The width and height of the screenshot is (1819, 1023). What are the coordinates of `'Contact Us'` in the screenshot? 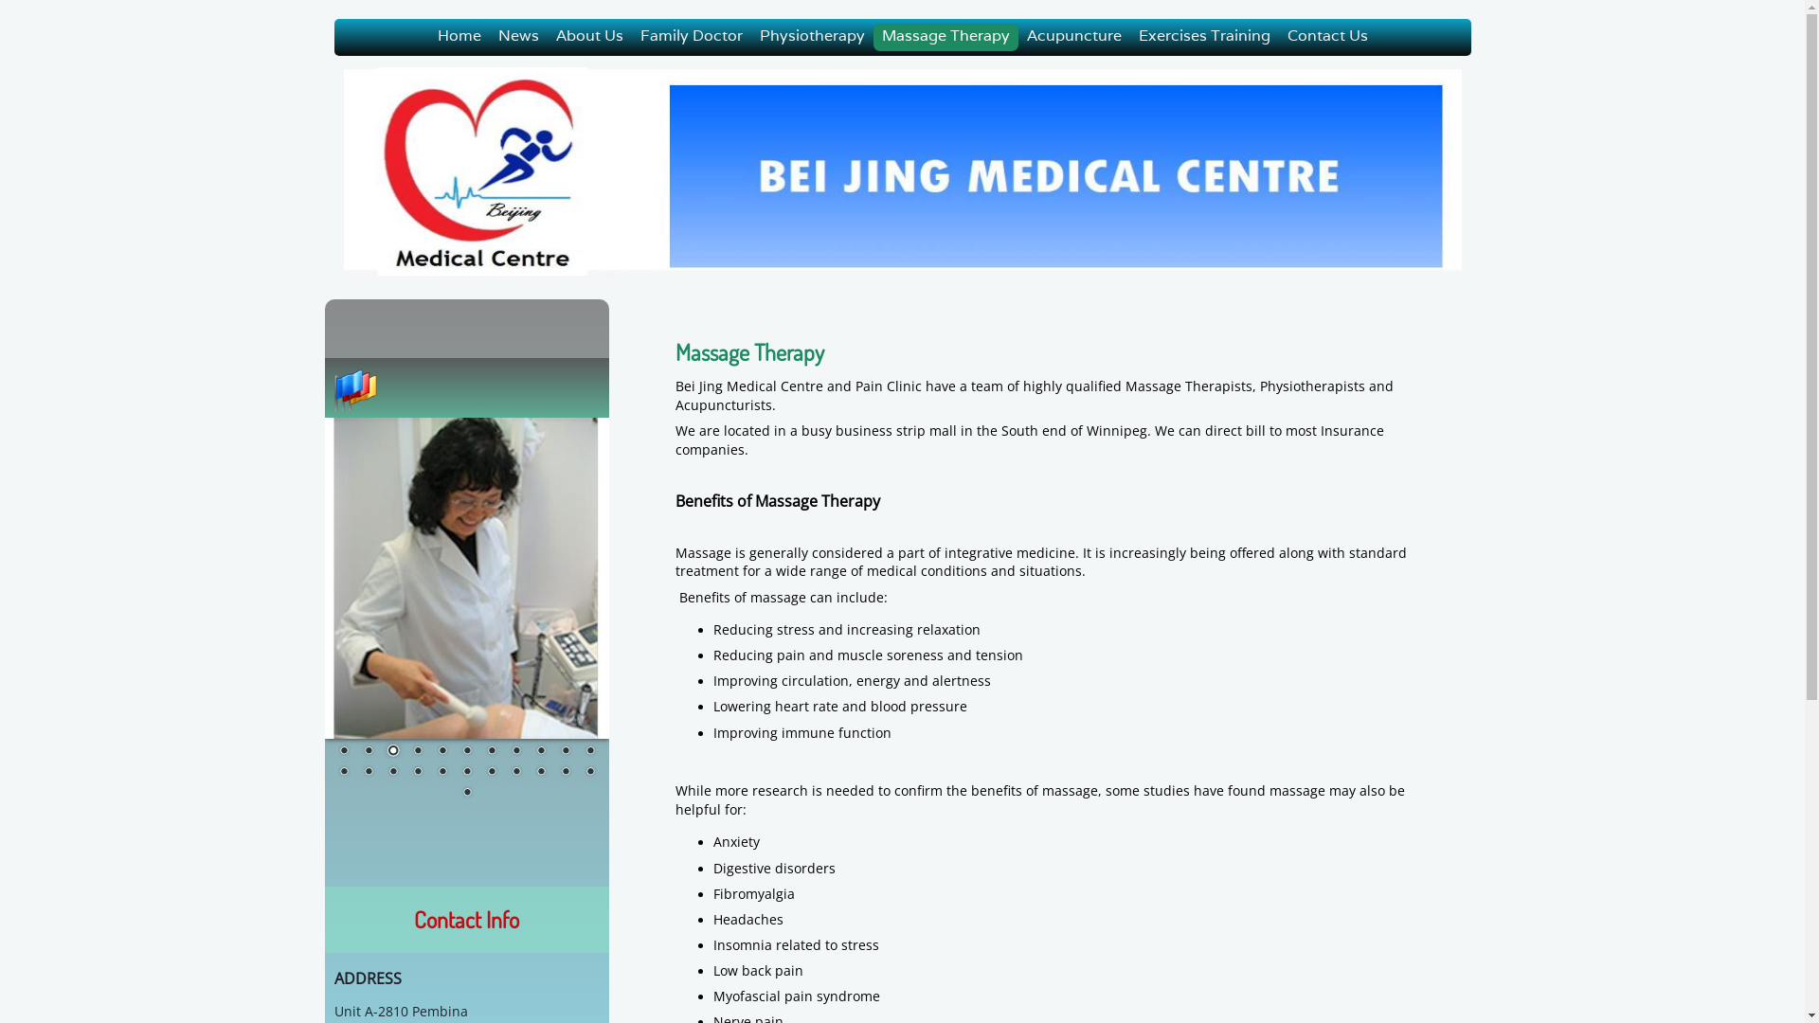 It's located at (1278, 37).